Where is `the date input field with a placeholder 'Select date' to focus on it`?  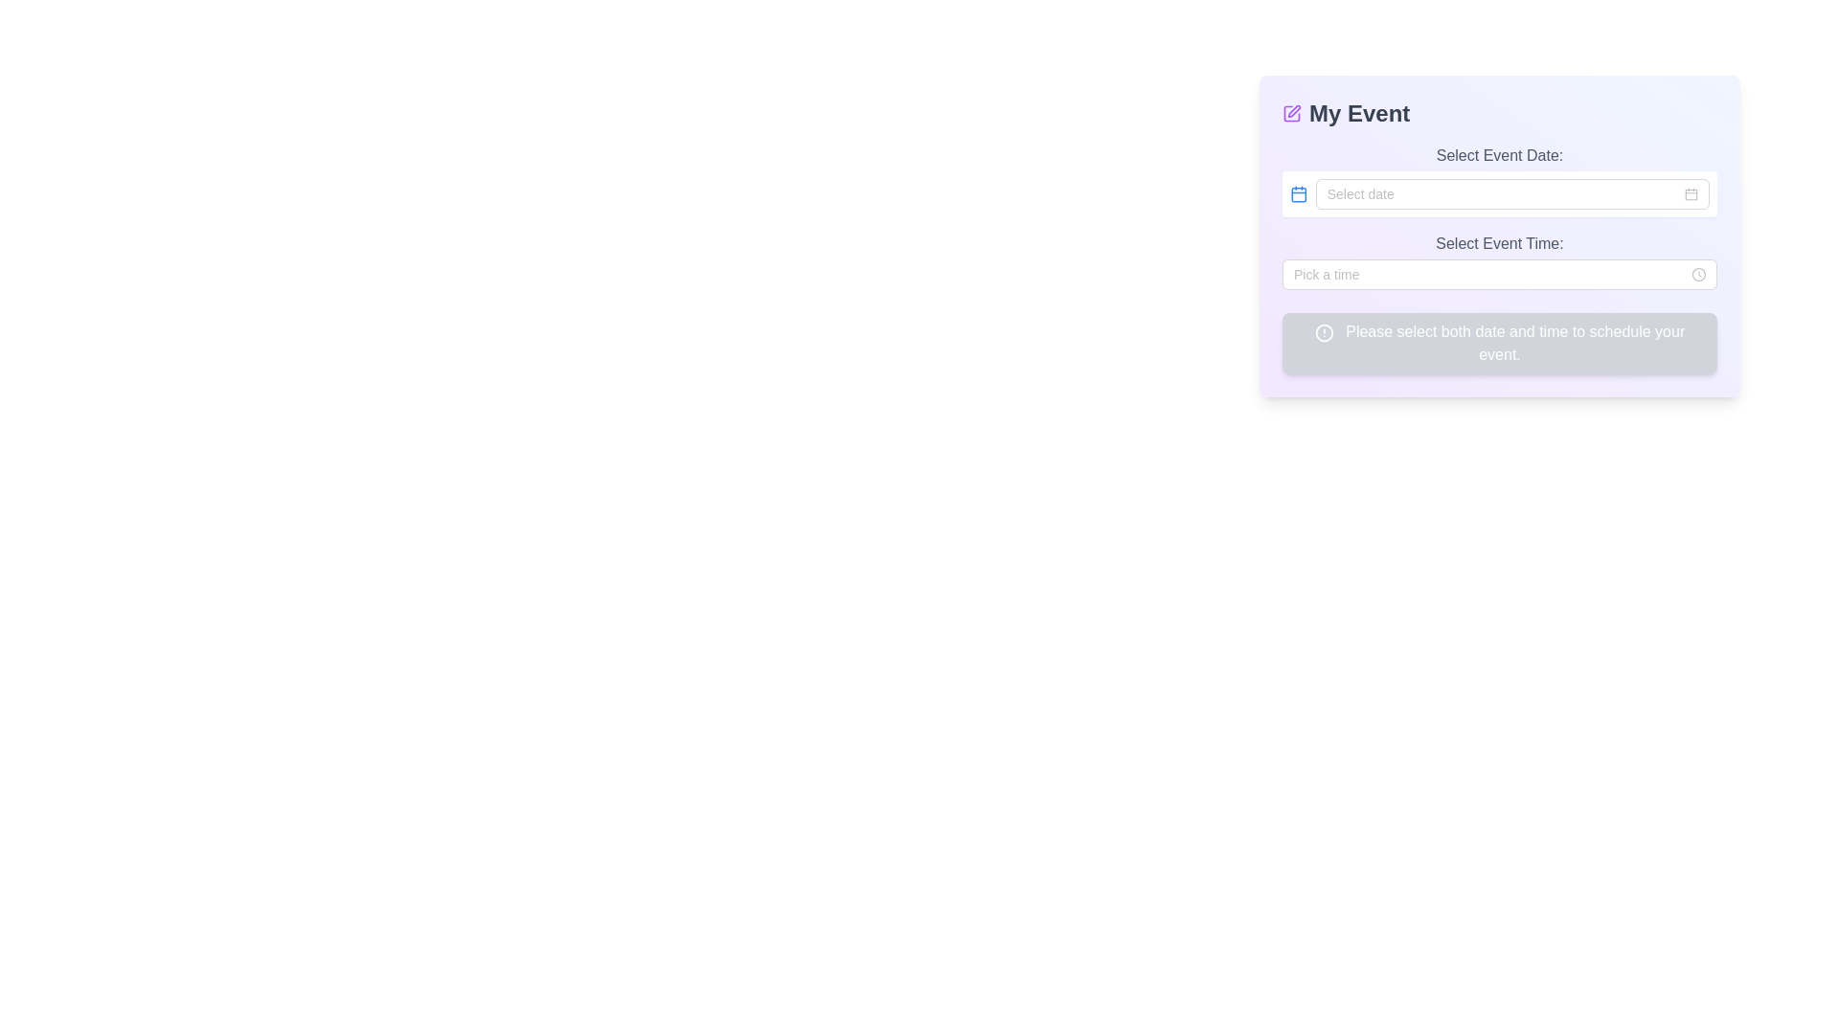 the date input field with a placeholder 'Select date' to focus on it is located at coordinates (1511, 194).